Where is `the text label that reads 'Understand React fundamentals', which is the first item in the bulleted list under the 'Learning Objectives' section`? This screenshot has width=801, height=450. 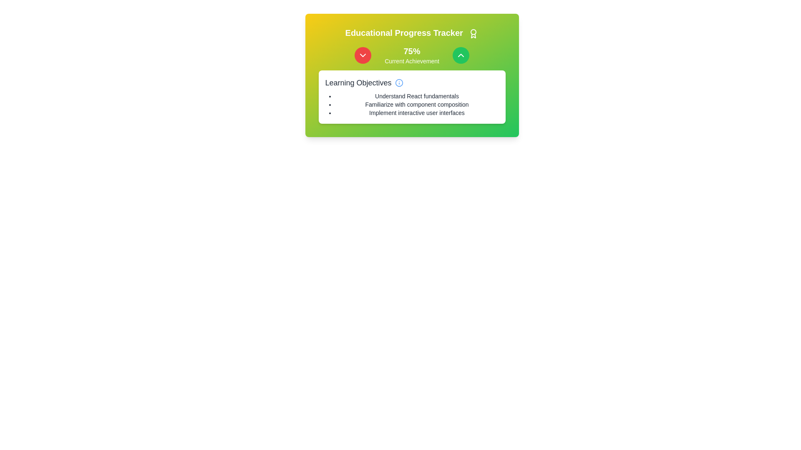 the text label that reads 'Understand React fundamentals', which is the first item in the bulleted list under the 'Learning Objectives' section is located at coordinates (417, 96).